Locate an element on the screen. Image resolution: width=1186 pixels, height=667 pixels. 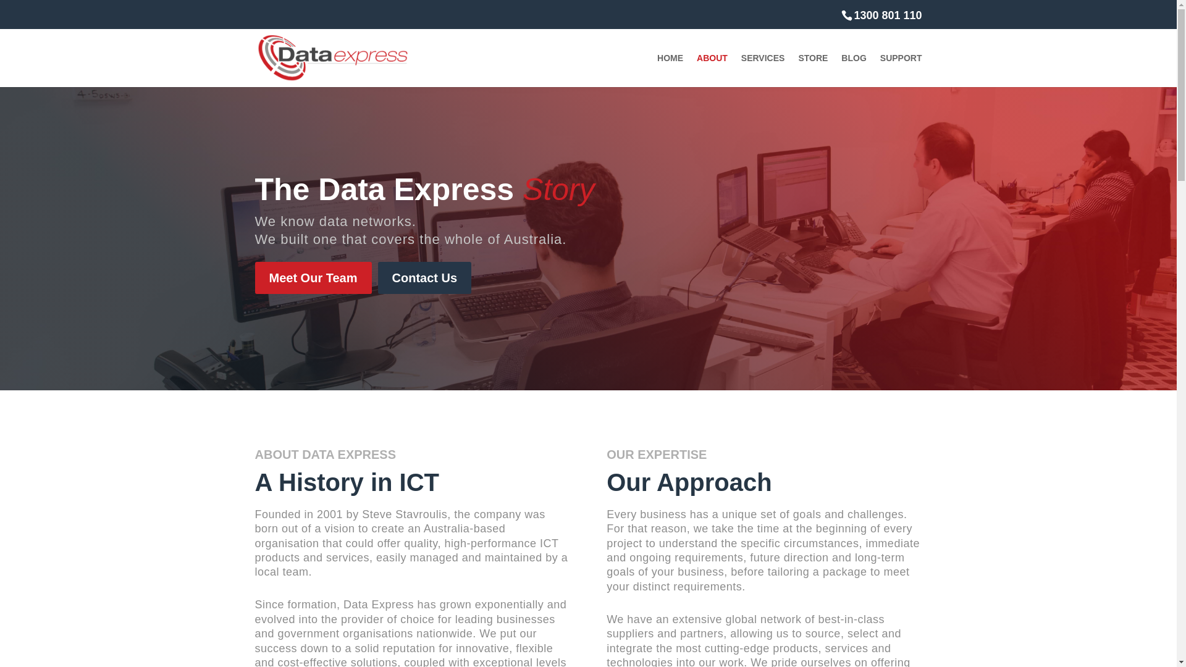
'SERVICES' is located at coordinates (762, 70).